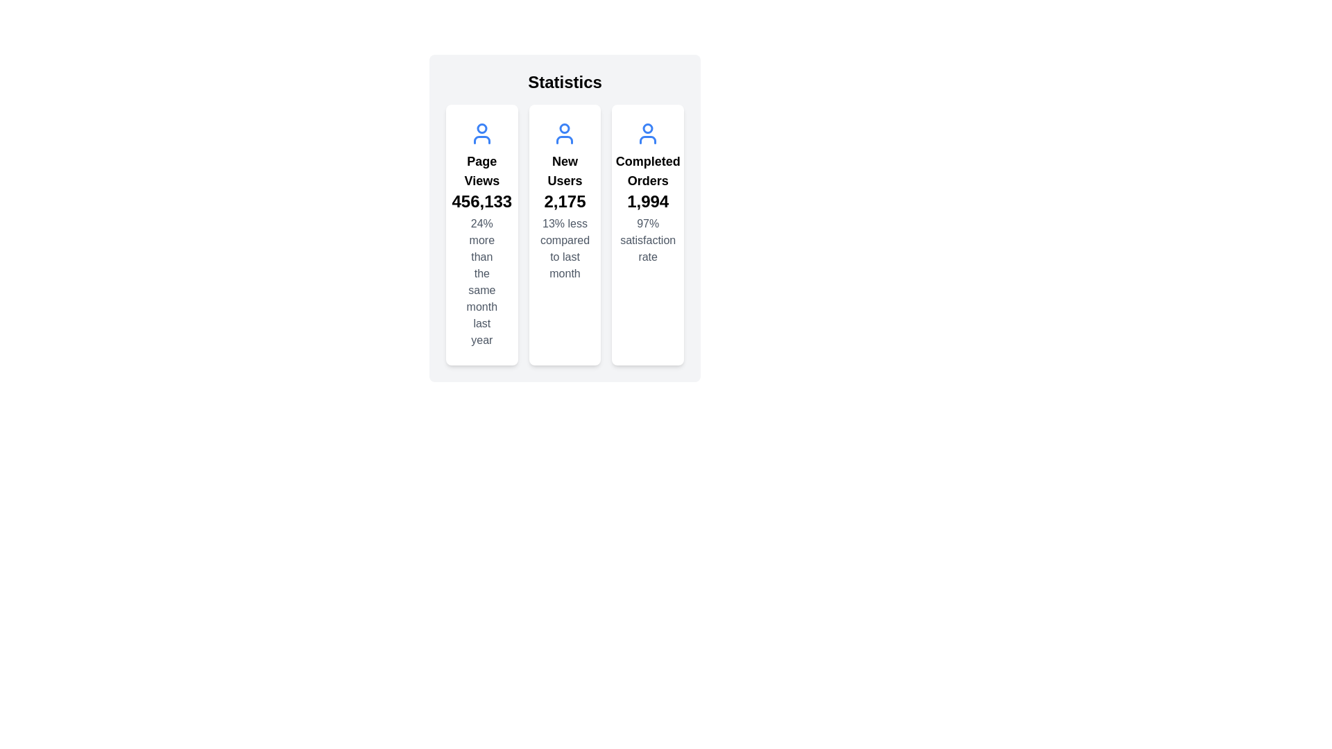 The width and height of the screenshot is (1332, 749). Describe the element at coordinates (565, 234) in the screenshot. I see `the Information Card that displays data about new users in the center column of the Statistics grid layout` at that location.